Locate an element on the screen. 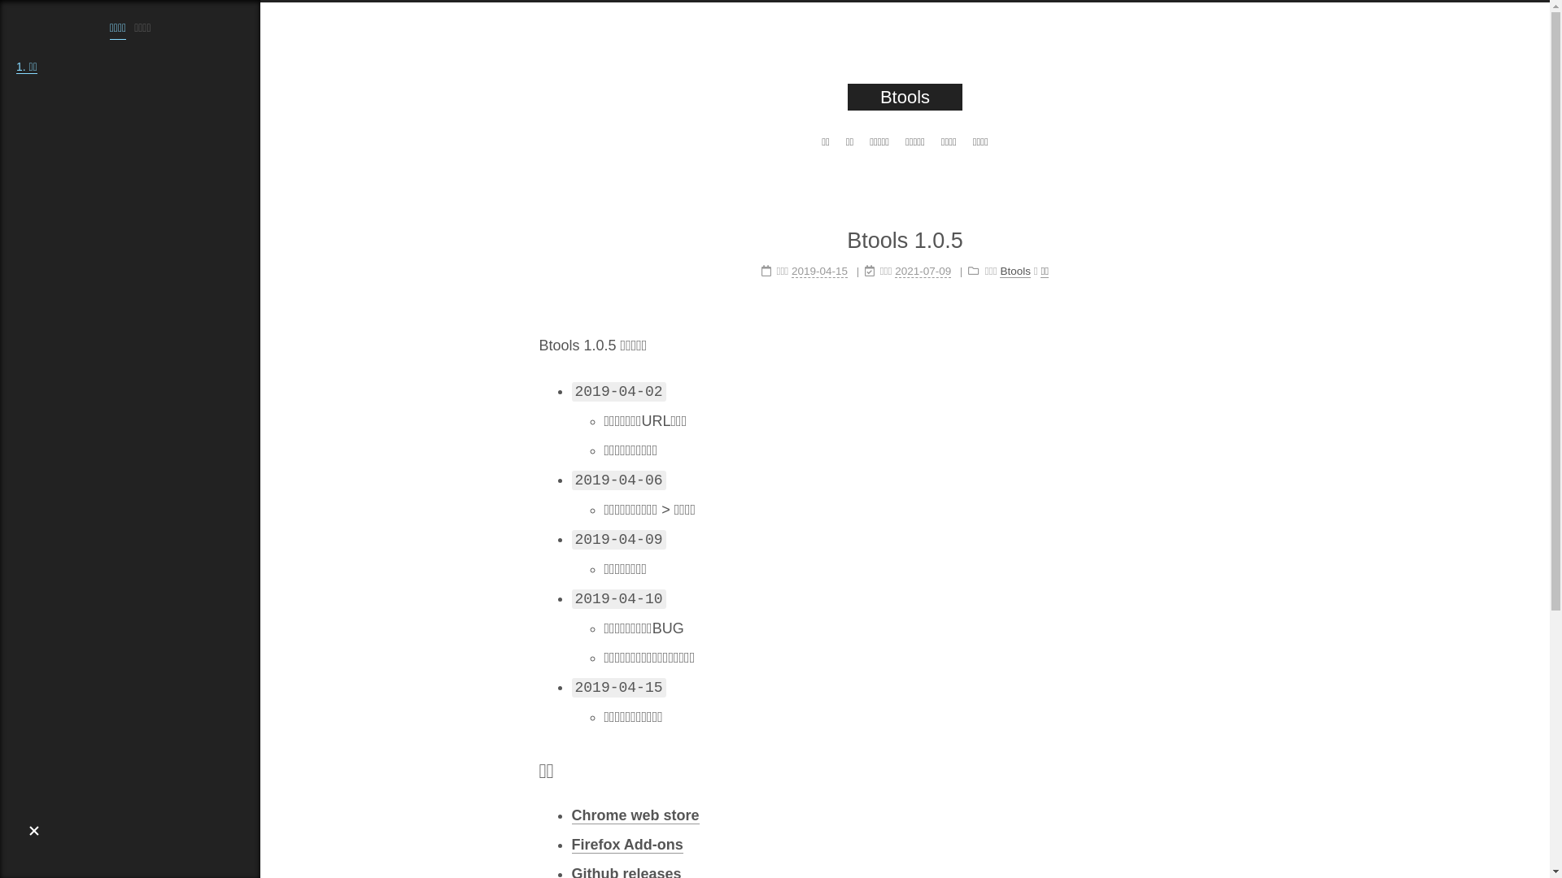 The image size is (1562, 878). 'Btools' is located at coordinates (1014, 271).